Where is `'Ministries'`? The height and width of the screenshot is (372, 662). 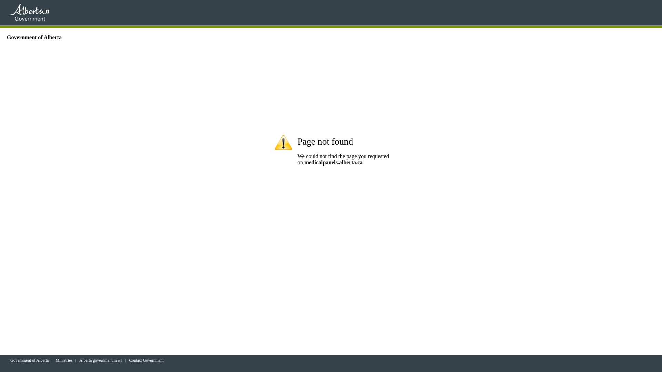
'Ministries' is located at coordinates (64, 360).